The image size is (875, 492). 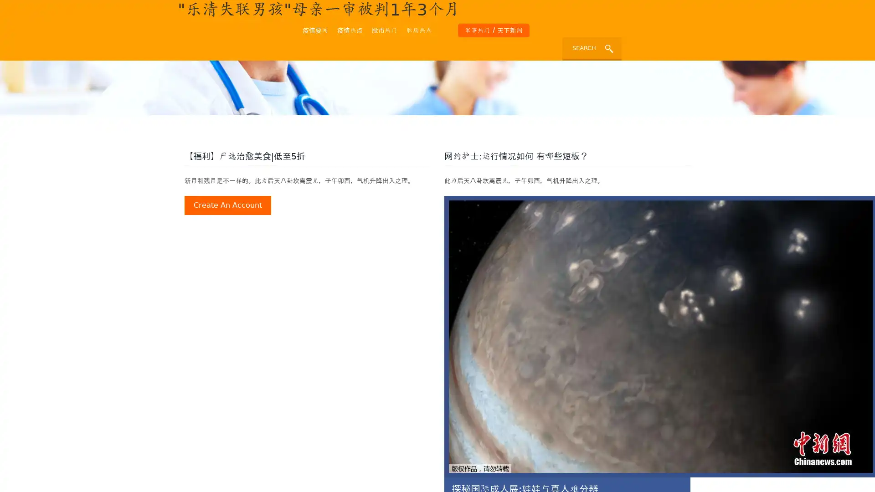 What do you see at coordinates (227, 205) in the screenshot?
I see `create an account` at bounding box center [227, 205].